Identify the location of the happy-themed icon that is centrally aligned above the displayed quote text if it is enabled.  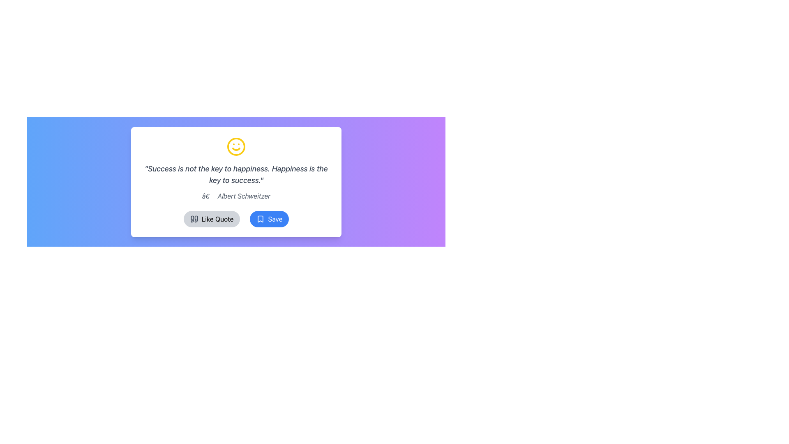
(236, 146).